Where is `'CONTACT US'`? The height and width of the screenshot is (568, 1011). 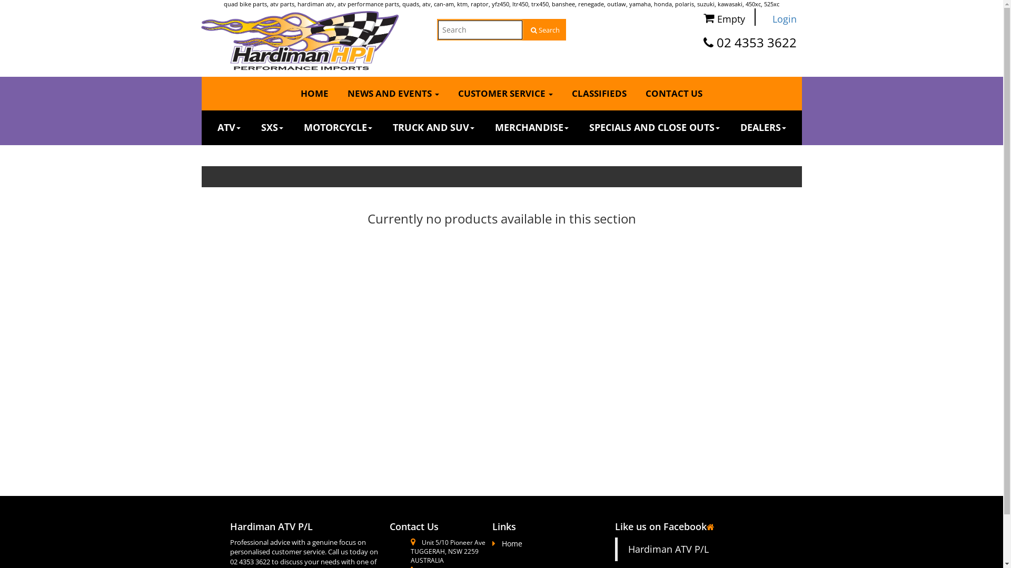 'CONTACT US' is located at coordinates (674, 93).